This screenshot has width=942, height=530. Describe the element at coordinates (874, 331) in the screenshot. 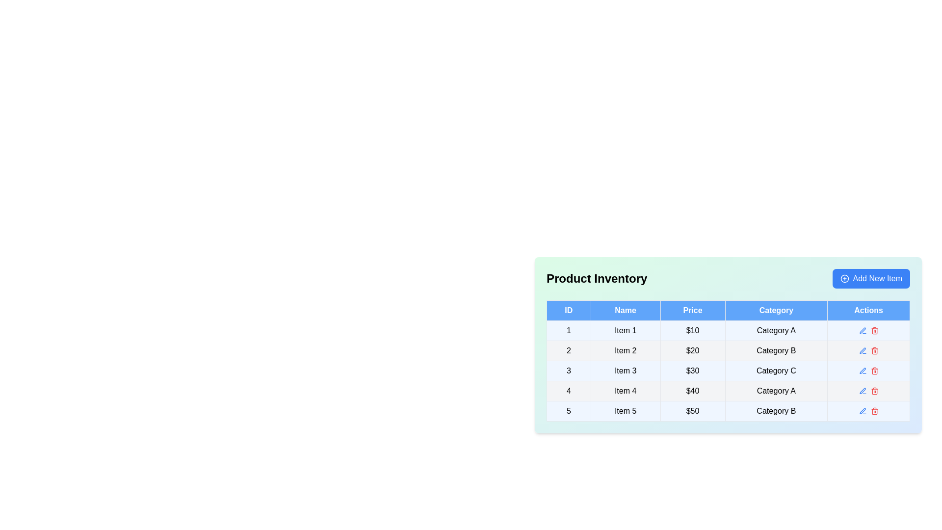

I see `the trash icon delete button, which is styled in red and located at the far-right end of the row in the 'Actions' column of the table` at that location.